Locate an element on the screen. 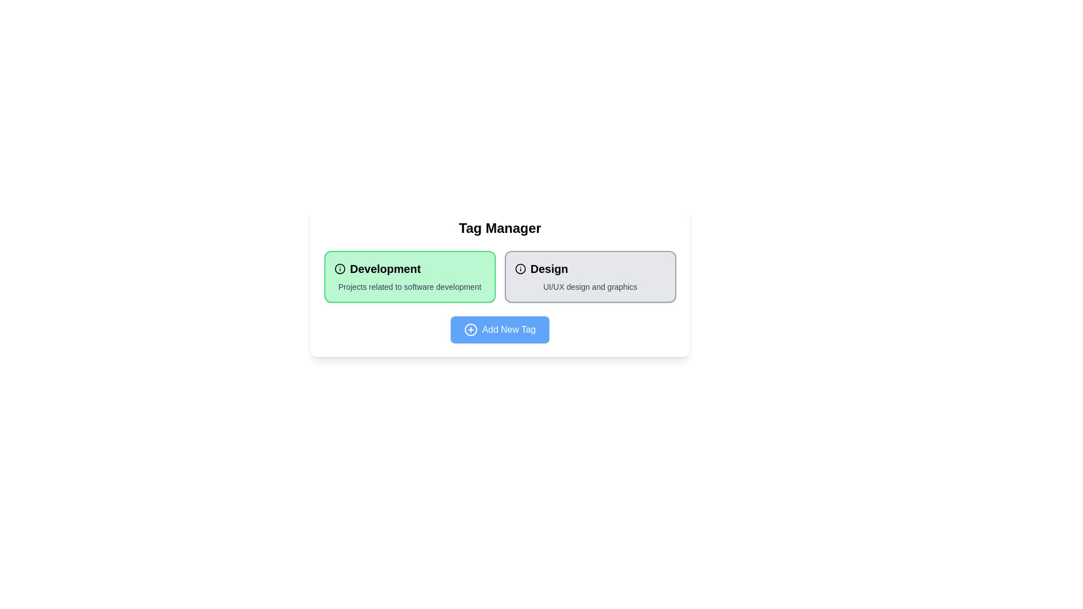 The width and height of the screenshot is (1083, 609). the blue button labeled 'Add New Tag' with a plus icon on the left is located at coordinates (499, 330).